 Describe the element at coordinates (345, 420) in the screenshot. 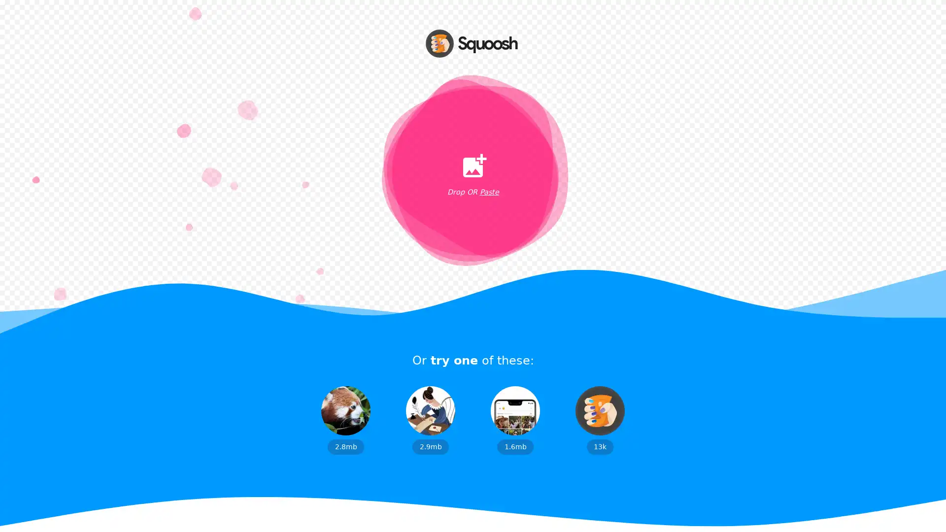

I see `Large photo 2.8mb` at that location.